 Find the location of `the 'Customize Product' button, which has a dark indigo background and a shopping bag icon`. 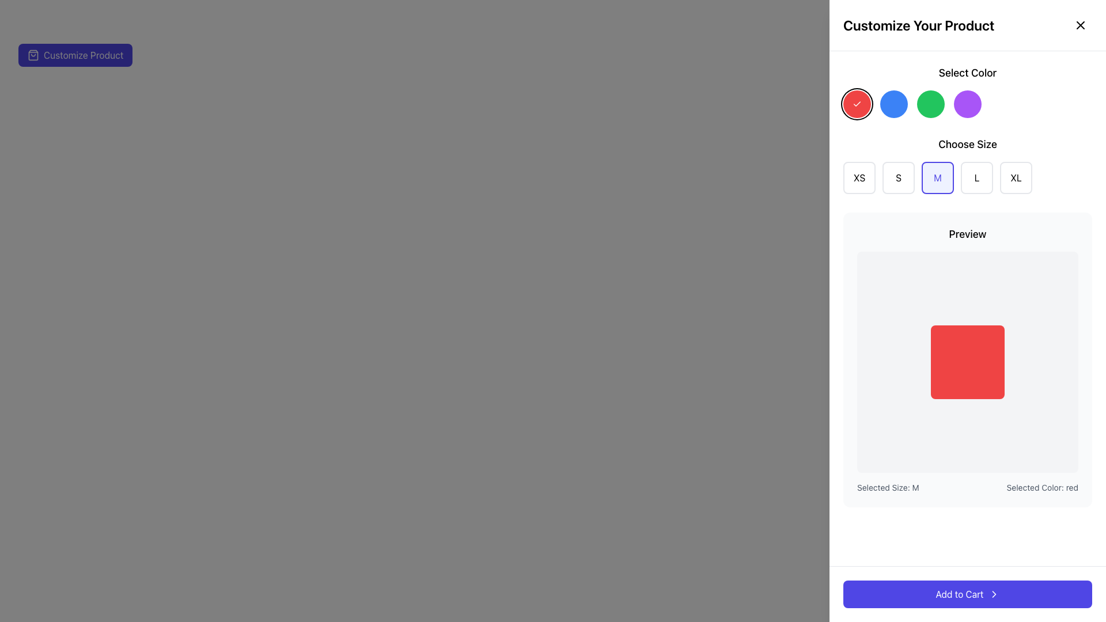

the 'Customize Product' button, which has a dark indigo background and a shopping bag icon is located at coordinates (75, 55).